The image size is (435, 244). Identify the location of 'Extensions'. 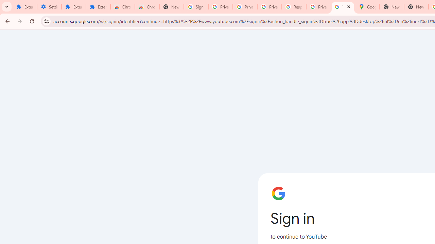
(73, 7).